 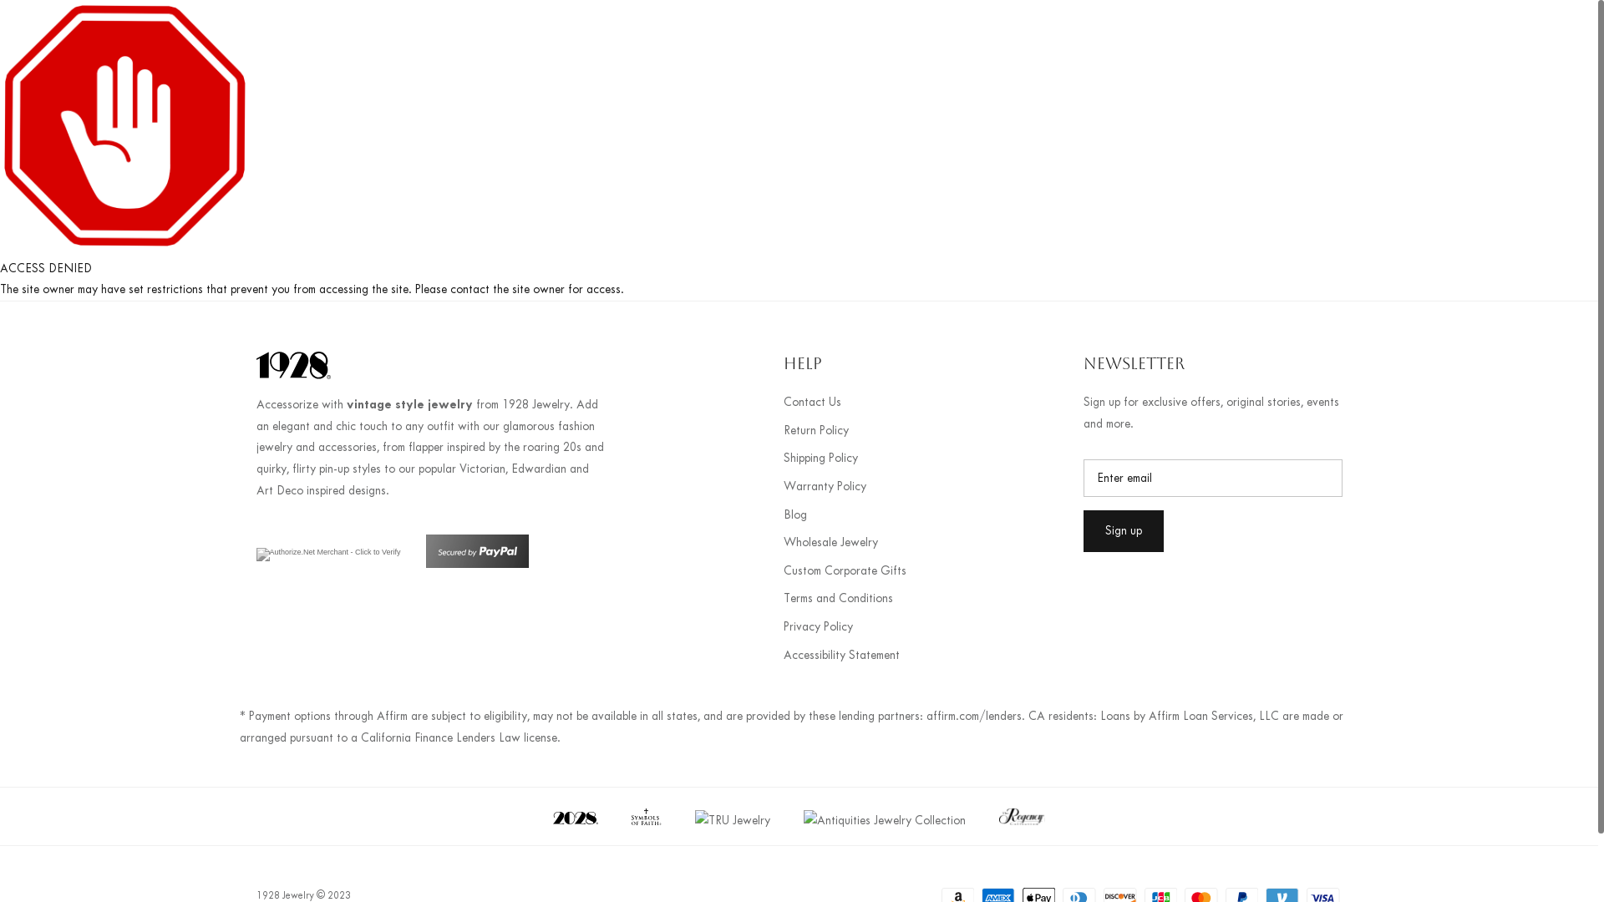 What do you see at coordinates (812, 402) in the screenshot?
I see `'Contact Us'` at bounding box center [812, 402].